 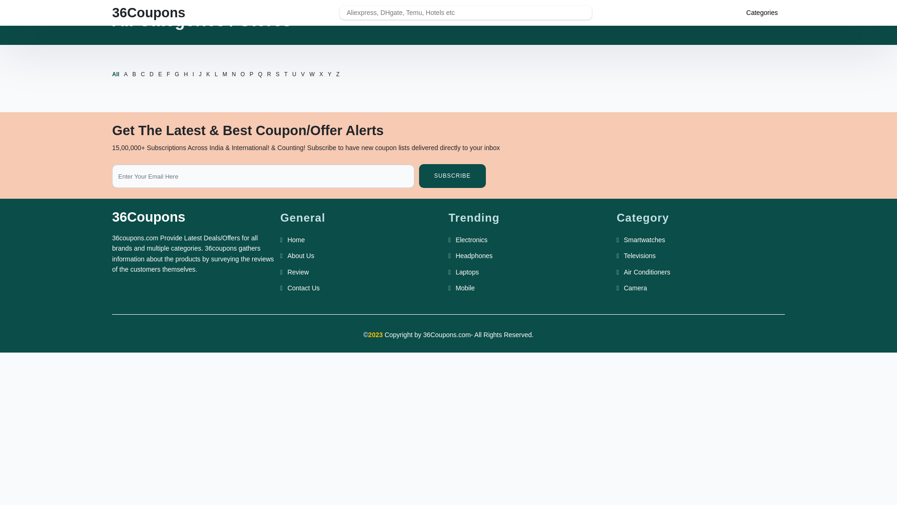 What do you see at coordinates (452, 176) in the screenshot?
I see `'SUBSCRIBE'` at bounding box center [452, 176].